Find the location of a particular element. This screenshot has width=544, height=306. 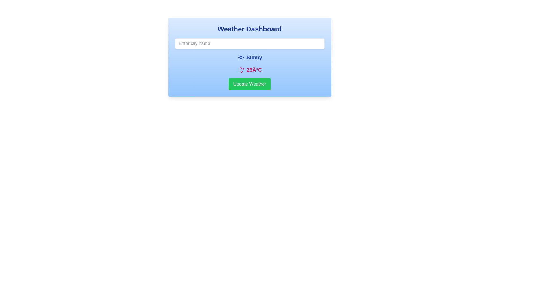

the update weather button in the weather dashboard interface is located at coordinates (249, 84).